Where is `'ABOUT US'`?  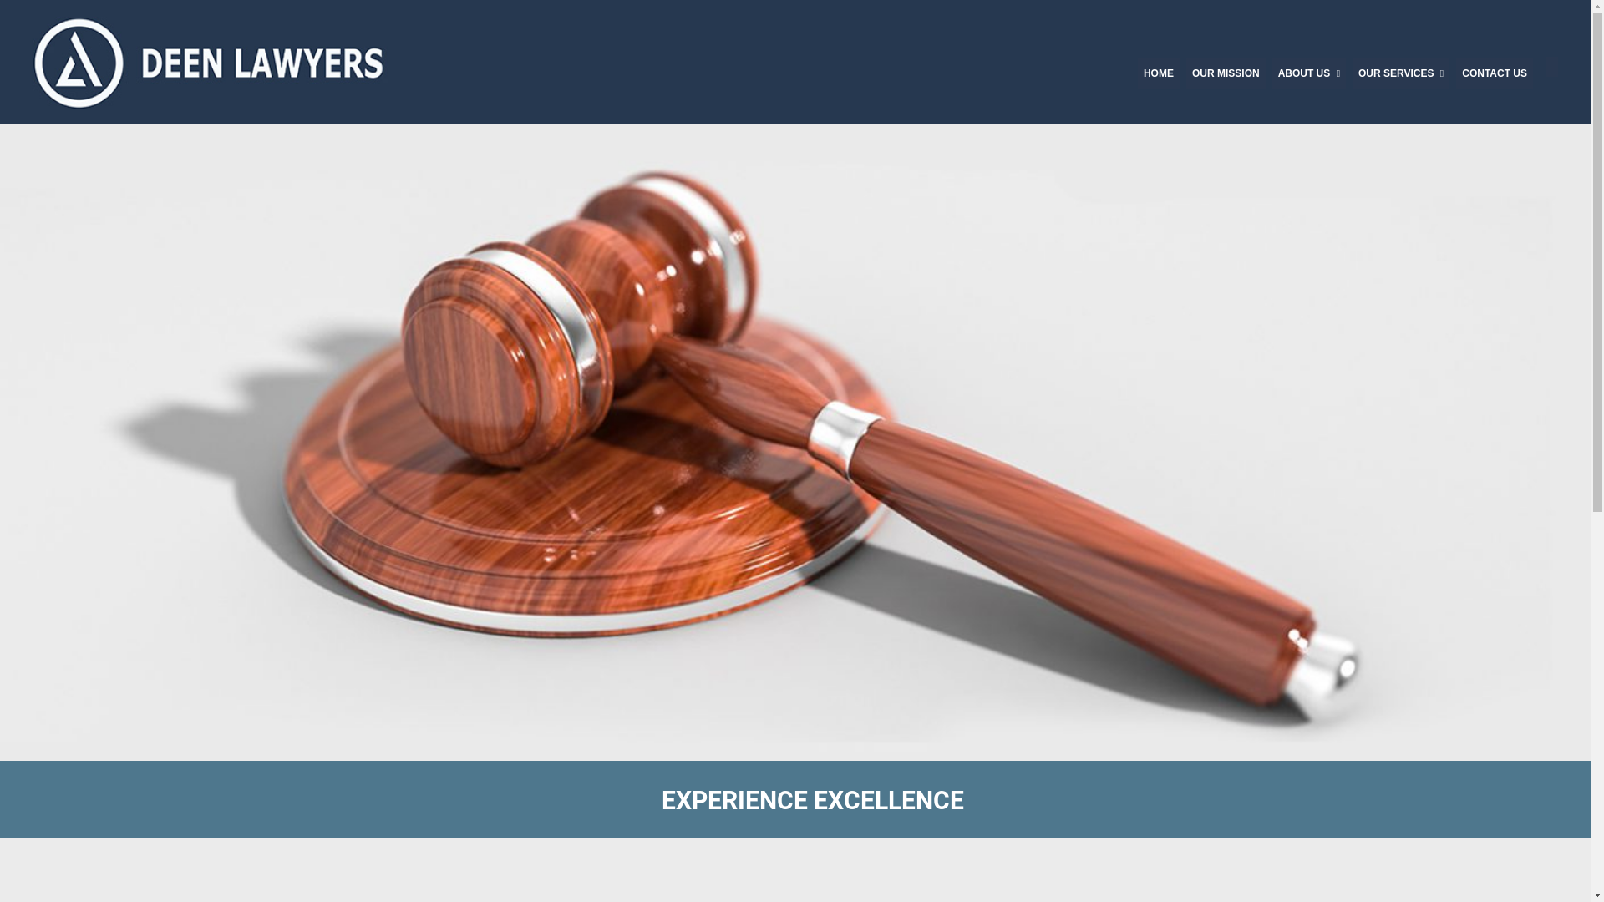
'ABOUT US' is located at coordinates (1307, 73).